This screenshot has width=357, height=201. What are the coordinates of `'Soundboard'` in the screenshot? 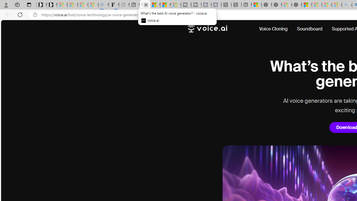 It's located at (309, 29).